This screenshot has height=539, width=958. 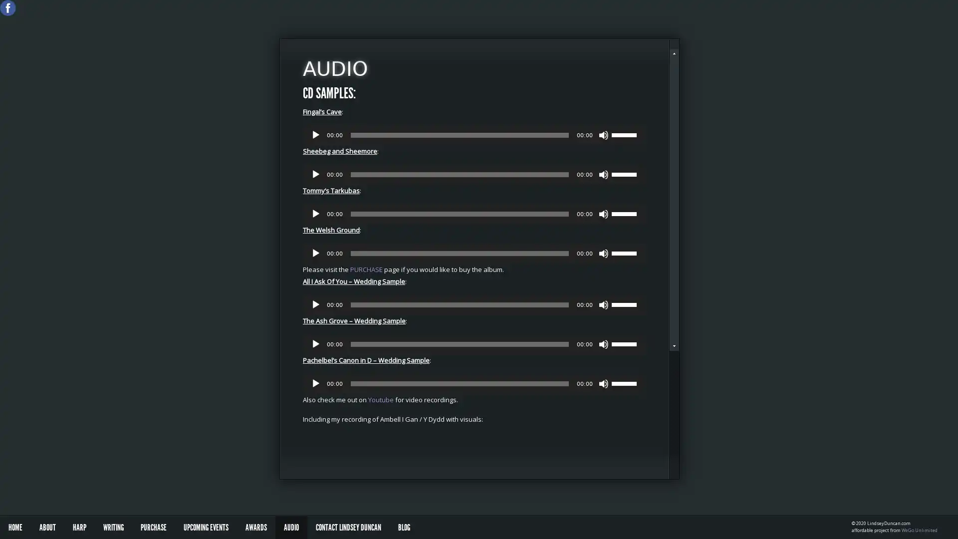 What do you see at coordinates (603, 344) in the screenshot?
I see `Mute` at bounding box center [603, 344].